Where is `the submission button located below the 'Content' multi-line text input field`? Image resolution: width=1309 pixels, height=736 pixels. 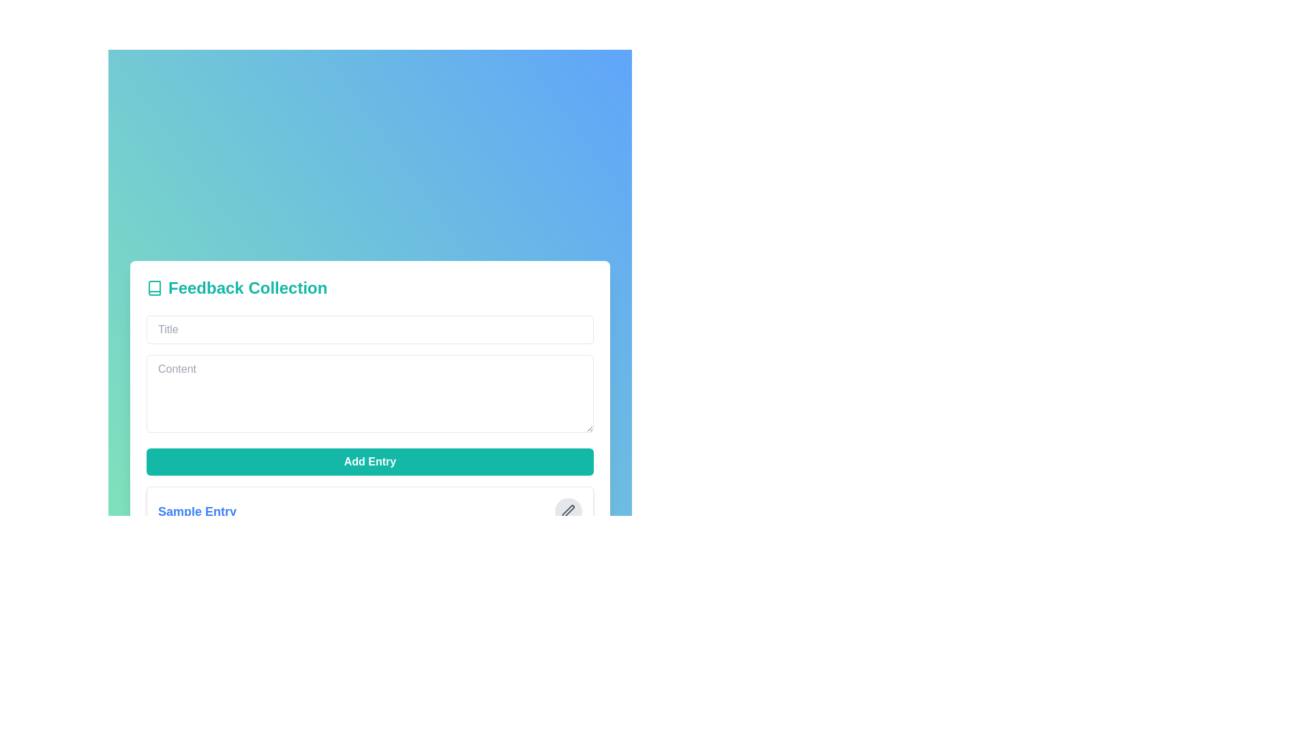 the submission button located below the 'Content' multi-line text input field is located at coordinates (370, 461).